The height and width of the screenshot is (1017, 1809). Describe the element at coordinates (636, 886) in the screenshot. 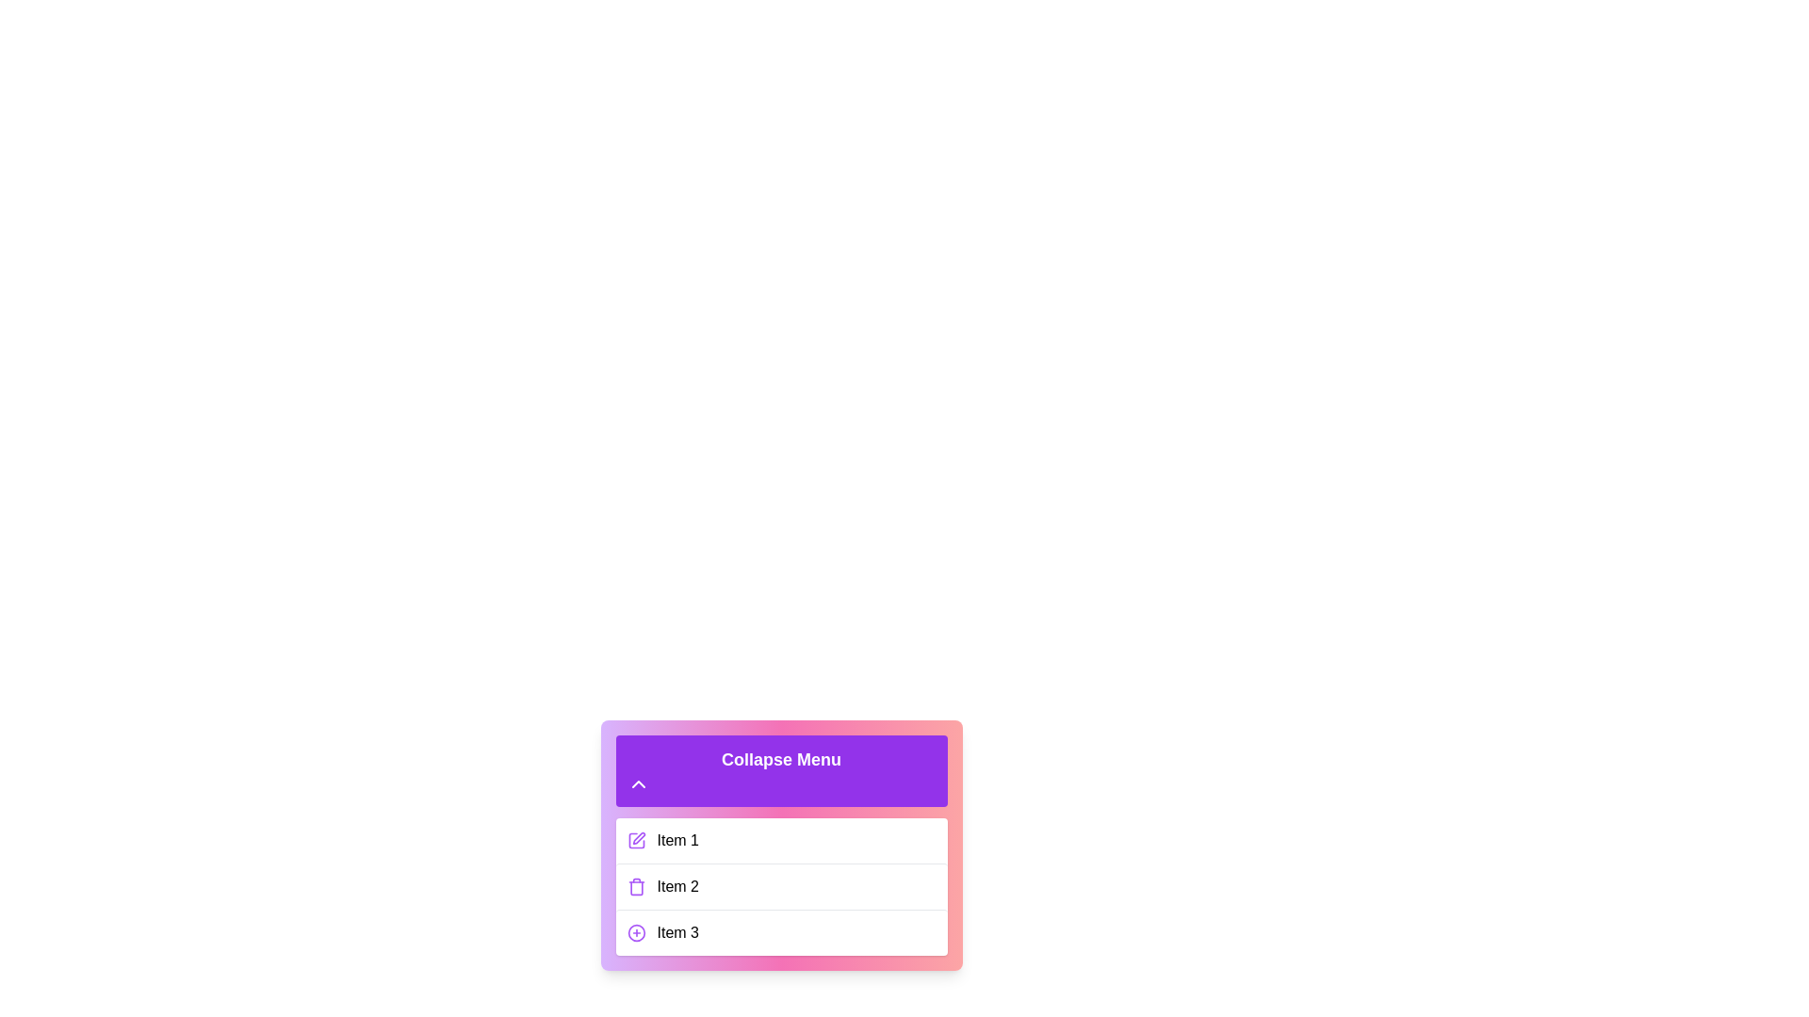

I see `the icon corresponding to Trash` at that location.